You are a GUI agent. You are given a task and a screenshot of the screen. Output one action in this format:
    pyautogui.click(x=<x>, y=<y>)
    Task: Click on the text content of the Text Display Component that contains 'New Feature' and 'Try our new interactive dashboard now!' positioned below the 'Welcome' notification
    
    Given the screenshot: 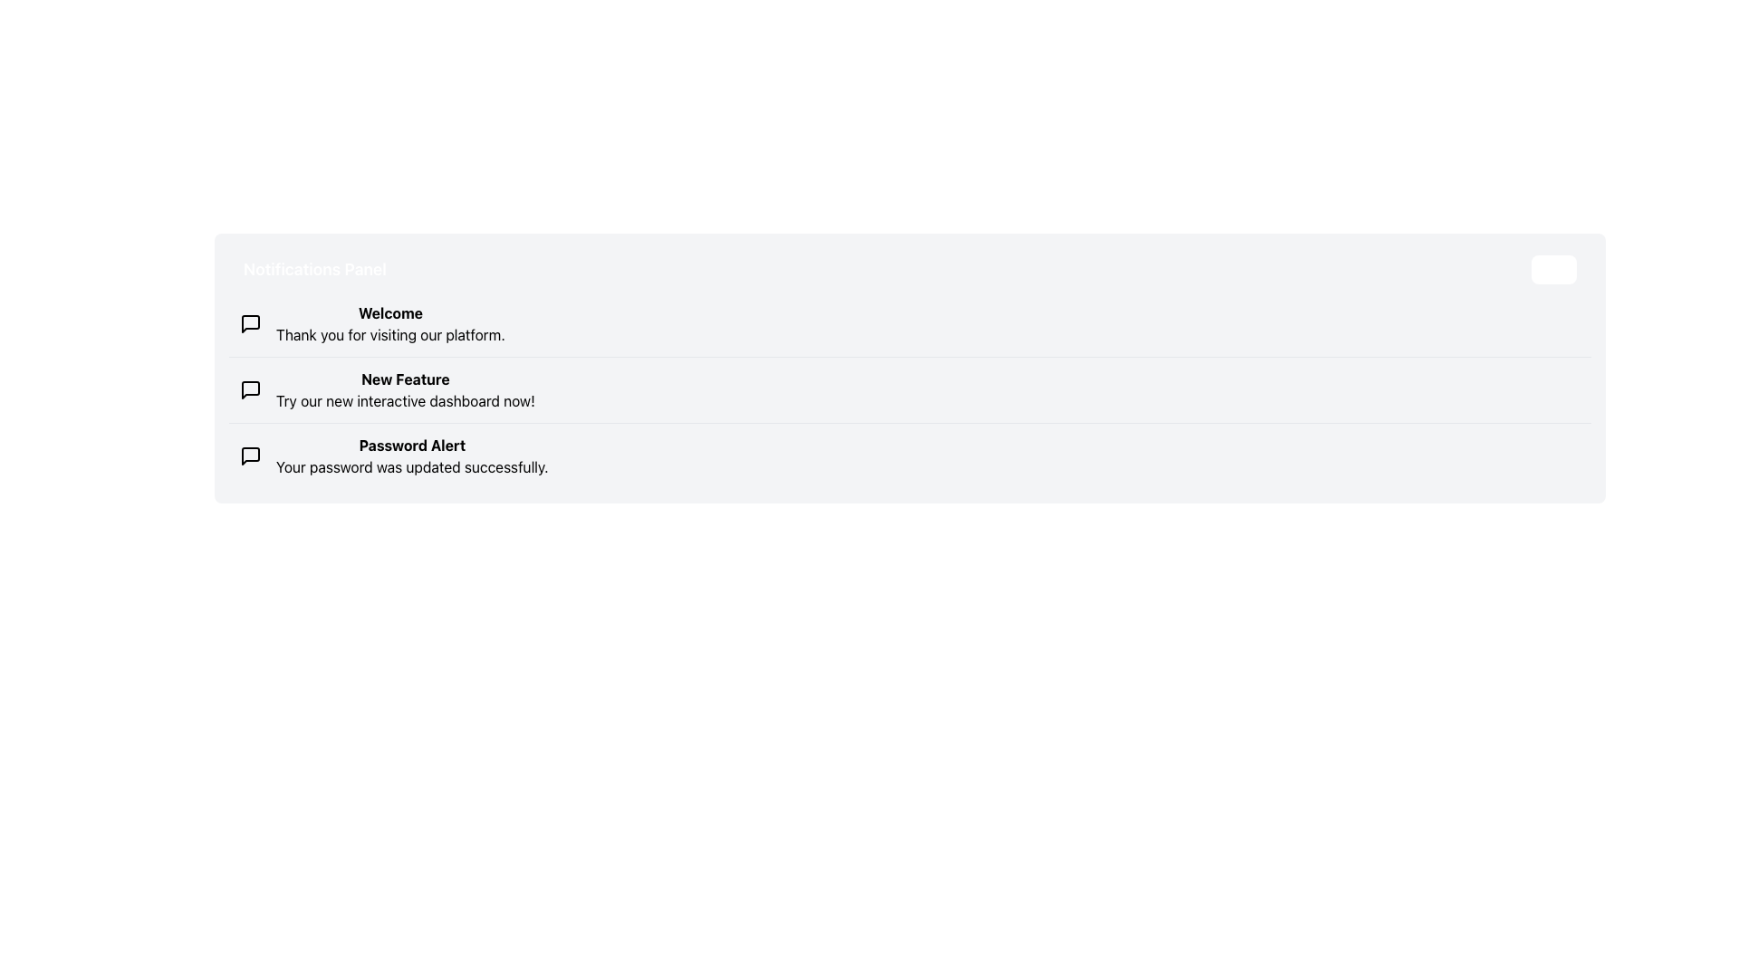 What is the action you would take?
    pyautogui.click(x=404, y=389)
    